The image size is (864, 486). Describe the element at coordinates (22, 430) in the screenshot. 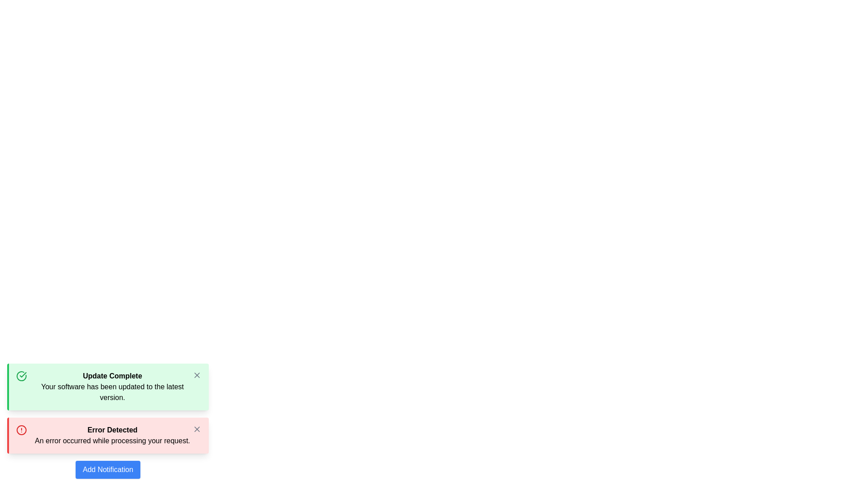

I see `the error icon located to the left of the 'Error Detected' notification text` at that location.